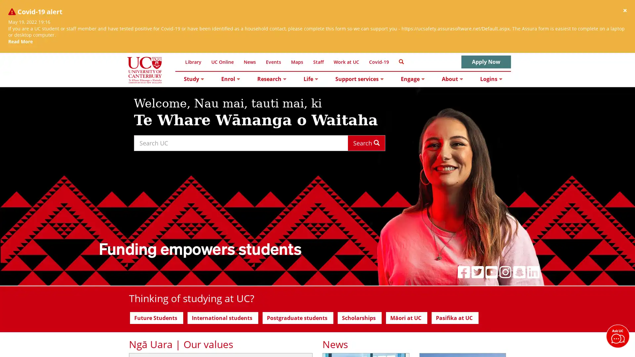  What do you see at coordinates (401, 61) in the screenshot?
I see `Search` at bounding box center [401, 61].